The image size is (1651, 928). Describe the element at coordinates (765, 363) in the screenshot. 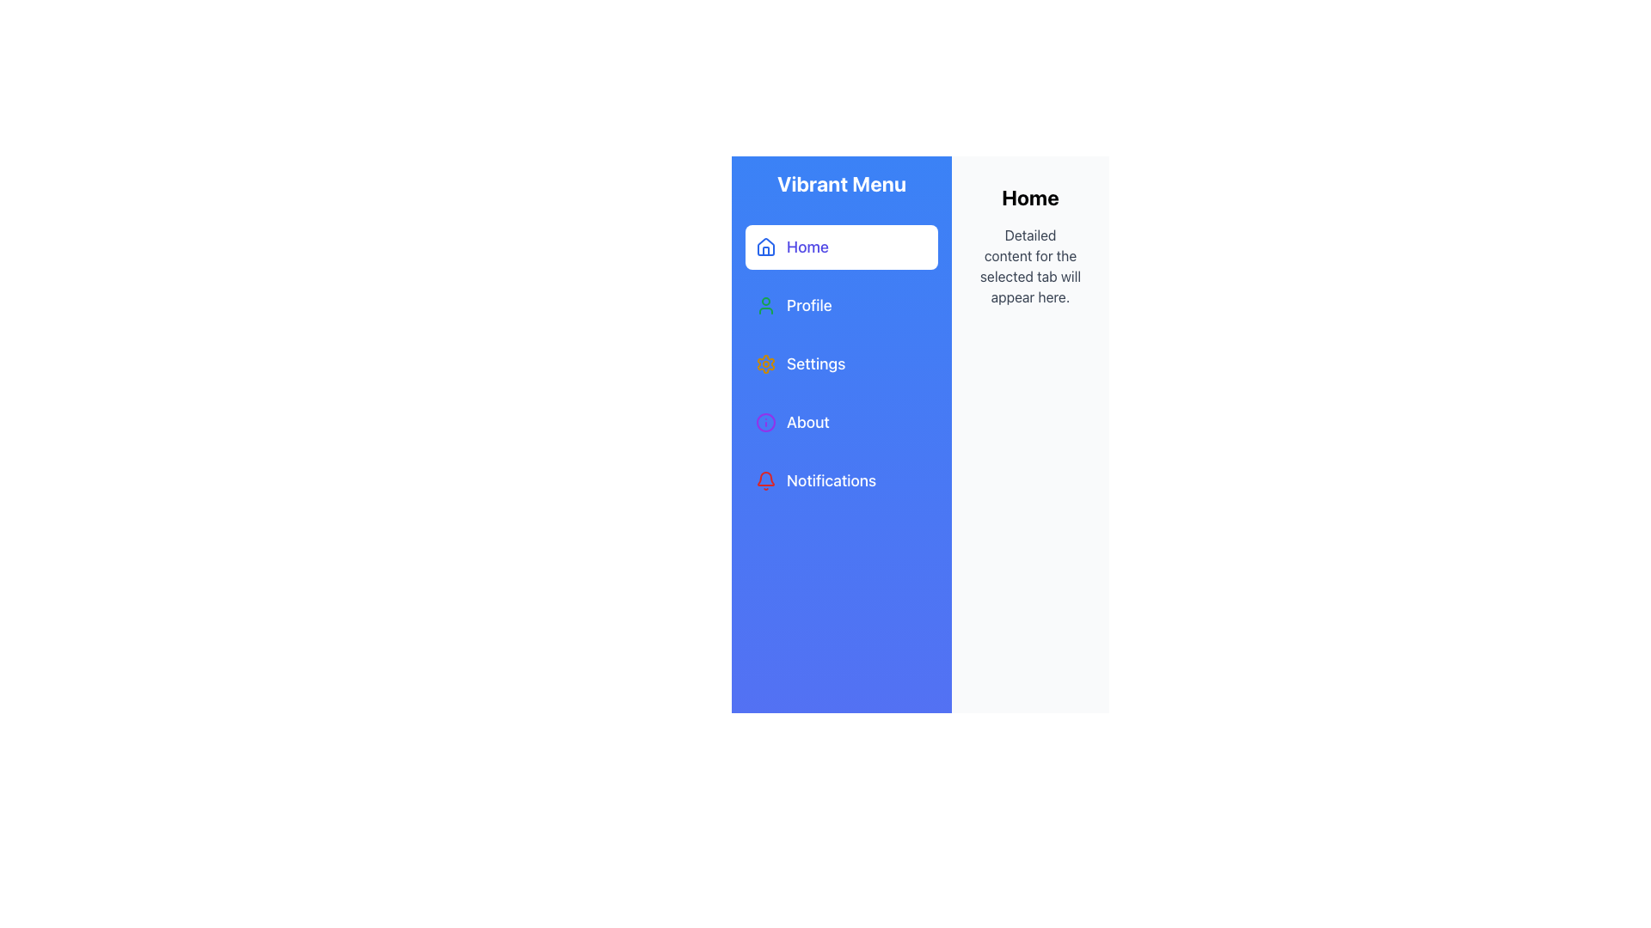

I see `the settings gear icon, which is yellow and located in the 'Settings' menu item of the side navigation menu, to the left of the 'Settings' text` at that location.